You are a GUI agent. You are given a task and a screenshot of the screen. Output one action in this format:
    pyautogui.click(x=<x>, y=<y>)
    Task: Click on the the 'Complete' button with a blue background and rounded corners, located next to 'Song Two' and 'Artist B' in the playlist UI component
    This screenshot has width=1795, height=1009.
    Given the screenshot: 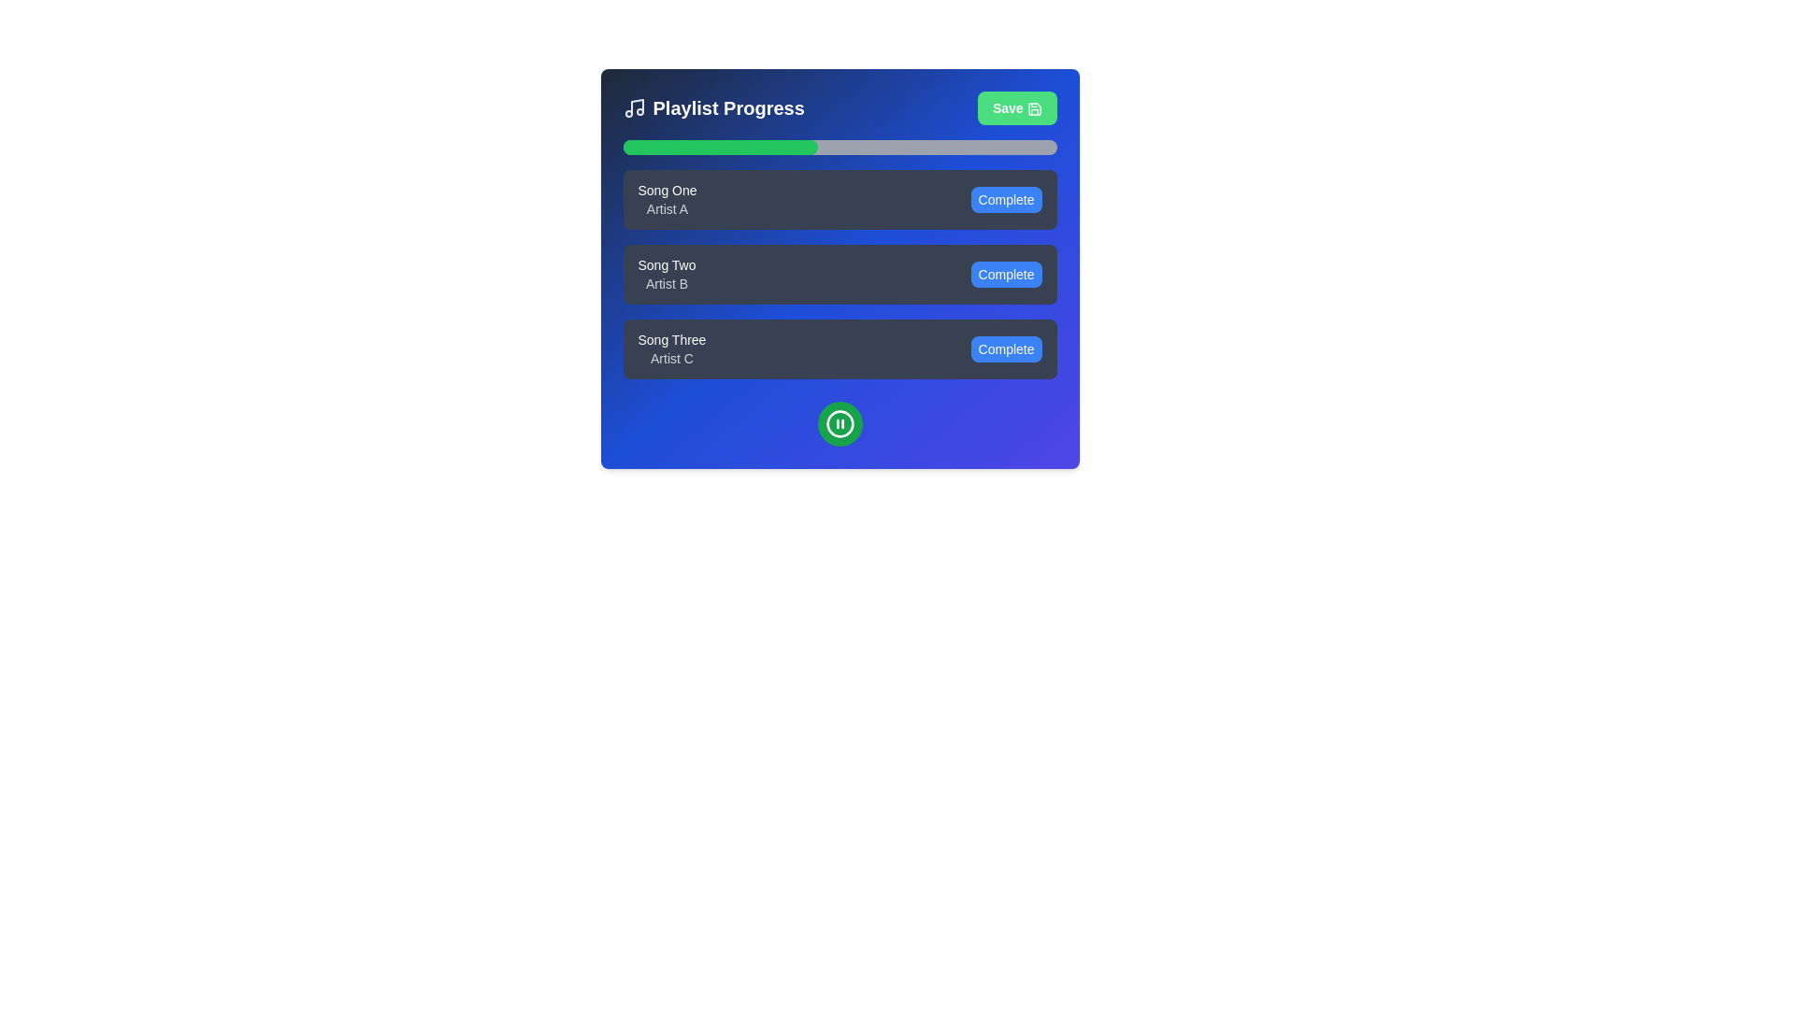 What is the action you would take?
    pyautogui.click(x=1005, y=274)
    